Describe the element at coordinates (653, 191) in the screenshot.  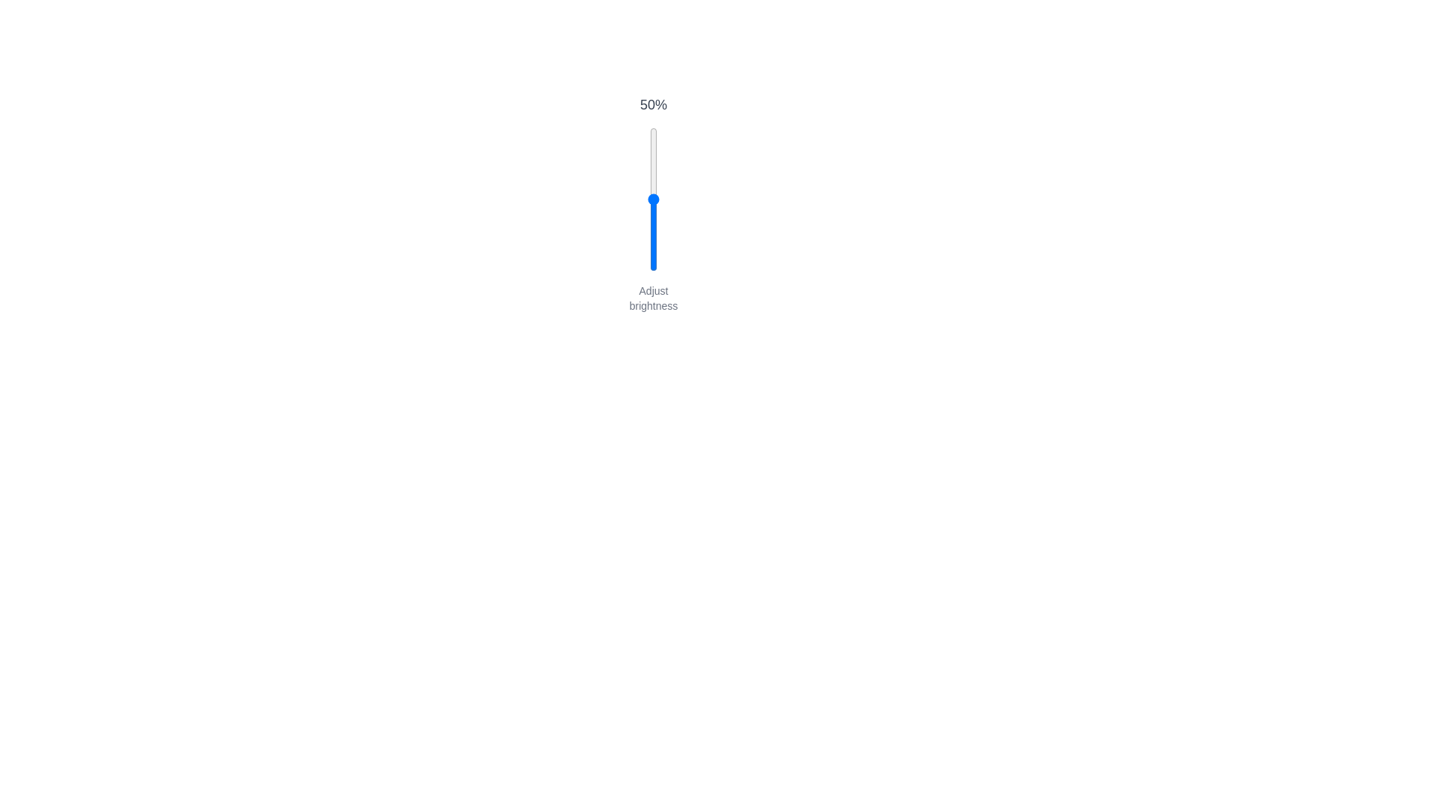
I see `brightness` at that location.